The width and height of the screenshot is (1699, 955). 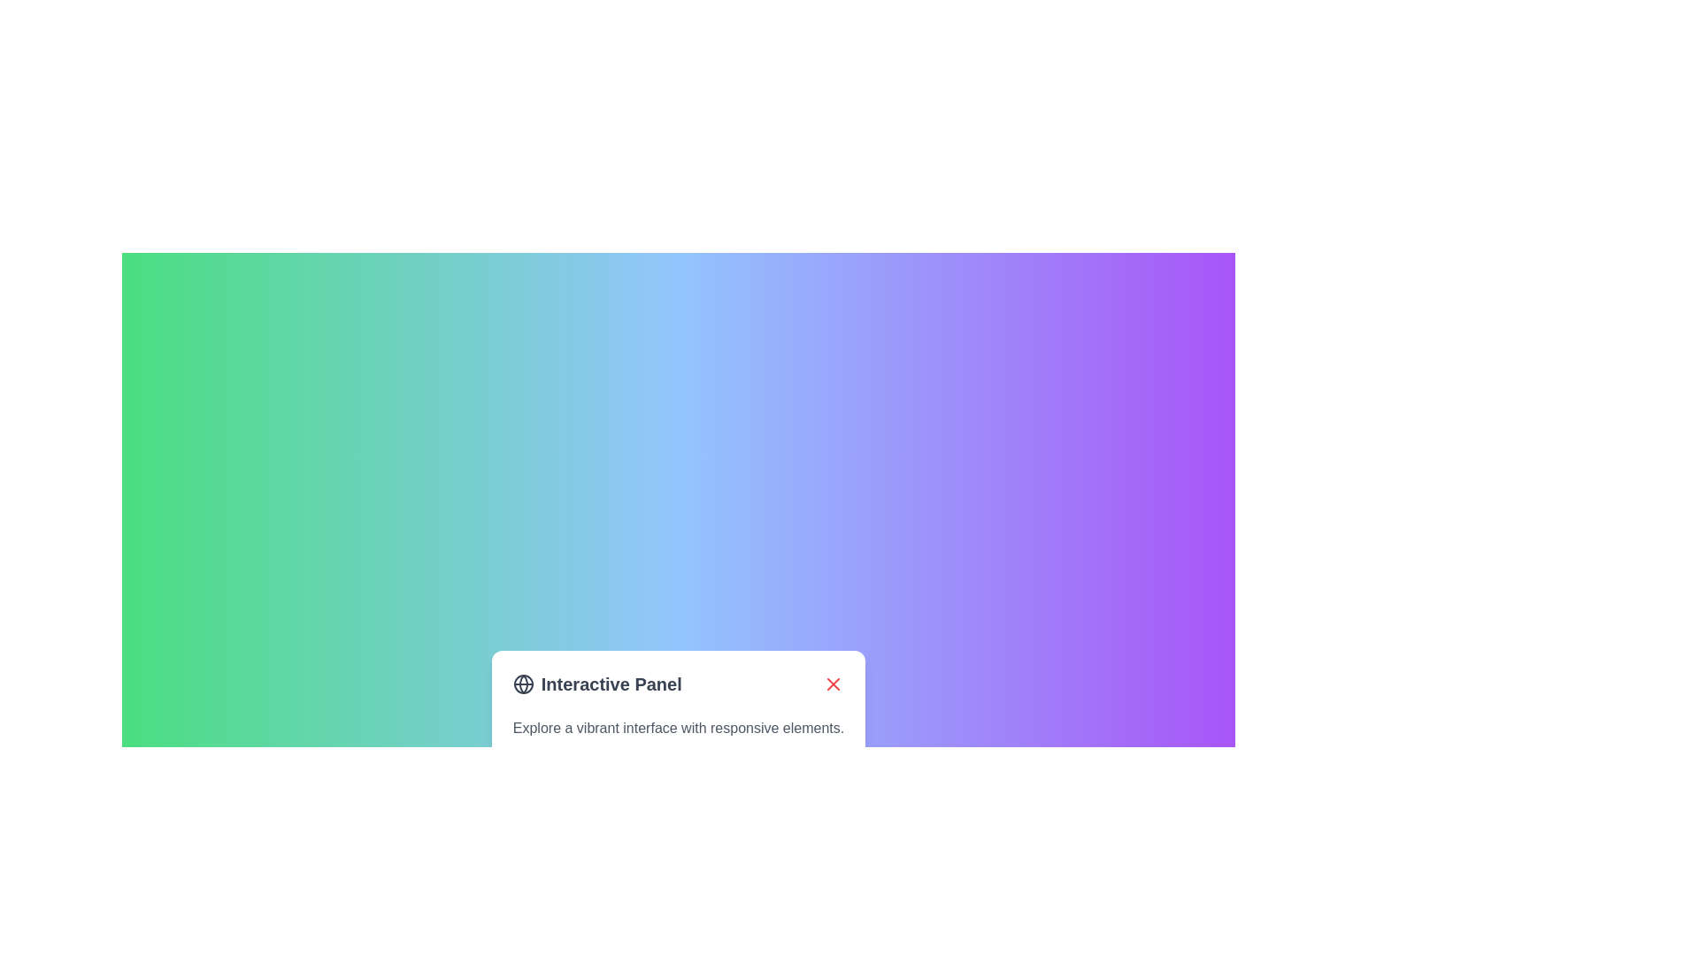 I want to click on the circular SVG Globe icon located at the bottom-right corner of the interface, nested within the 'Interactive Panel', so click(x=522, y=684).